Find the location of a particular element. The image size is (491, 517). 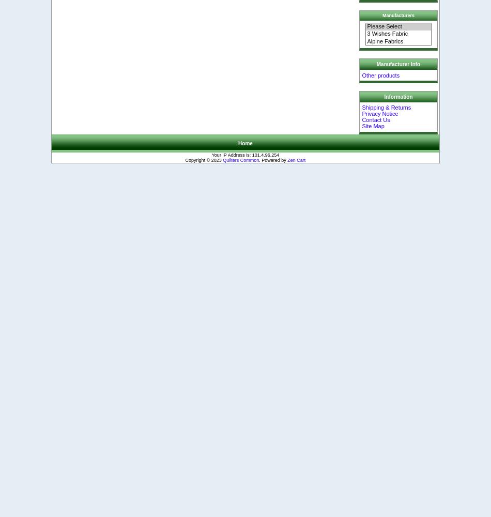

'Contact Us' is located at coordinates (375, 119).